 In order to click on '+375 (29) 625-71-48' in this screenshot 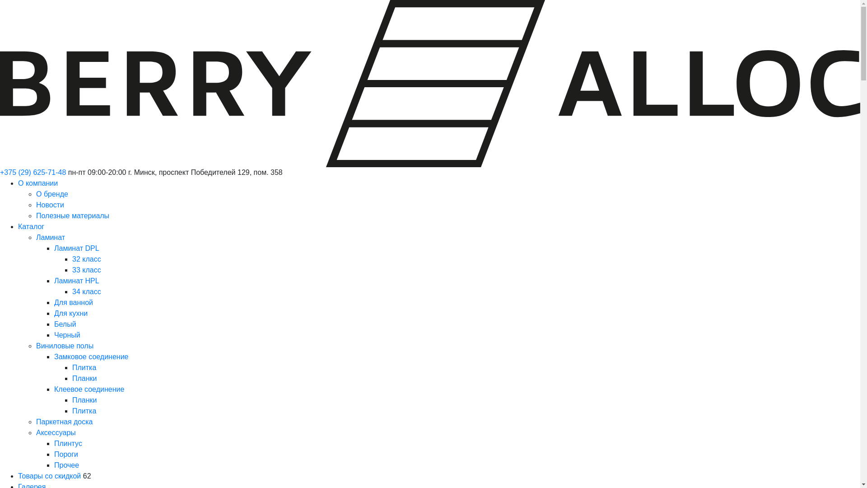, I will do `click(33, 172)`.